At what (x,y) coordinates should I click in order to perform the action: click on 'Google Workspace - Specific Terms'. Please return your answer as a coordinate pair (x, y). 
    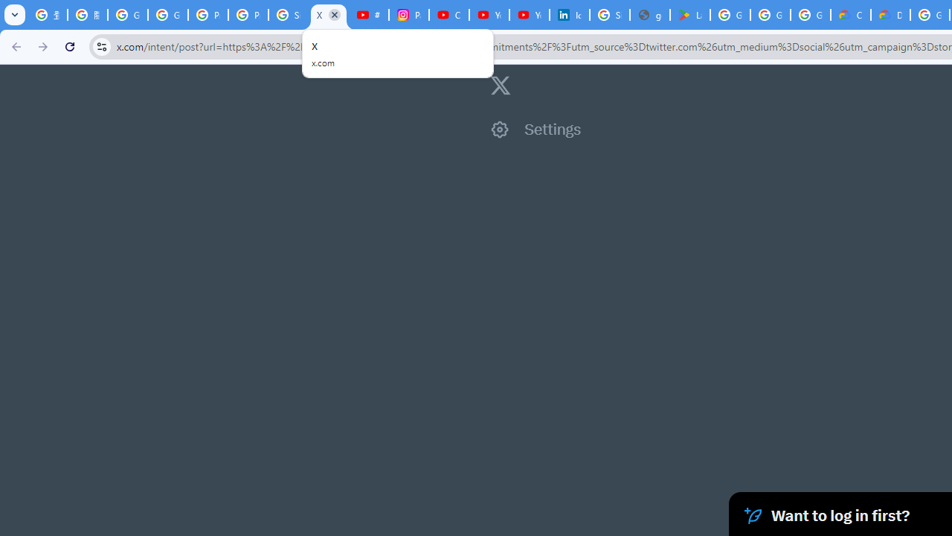
    Looking at the image, I should click on (771, 15).